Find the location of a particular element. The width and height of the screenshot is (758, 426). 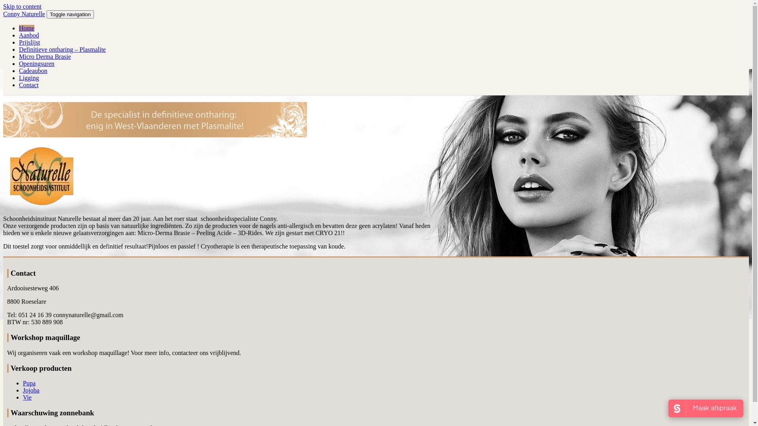

'Openingsuren' is located at coordinates (19, 63).